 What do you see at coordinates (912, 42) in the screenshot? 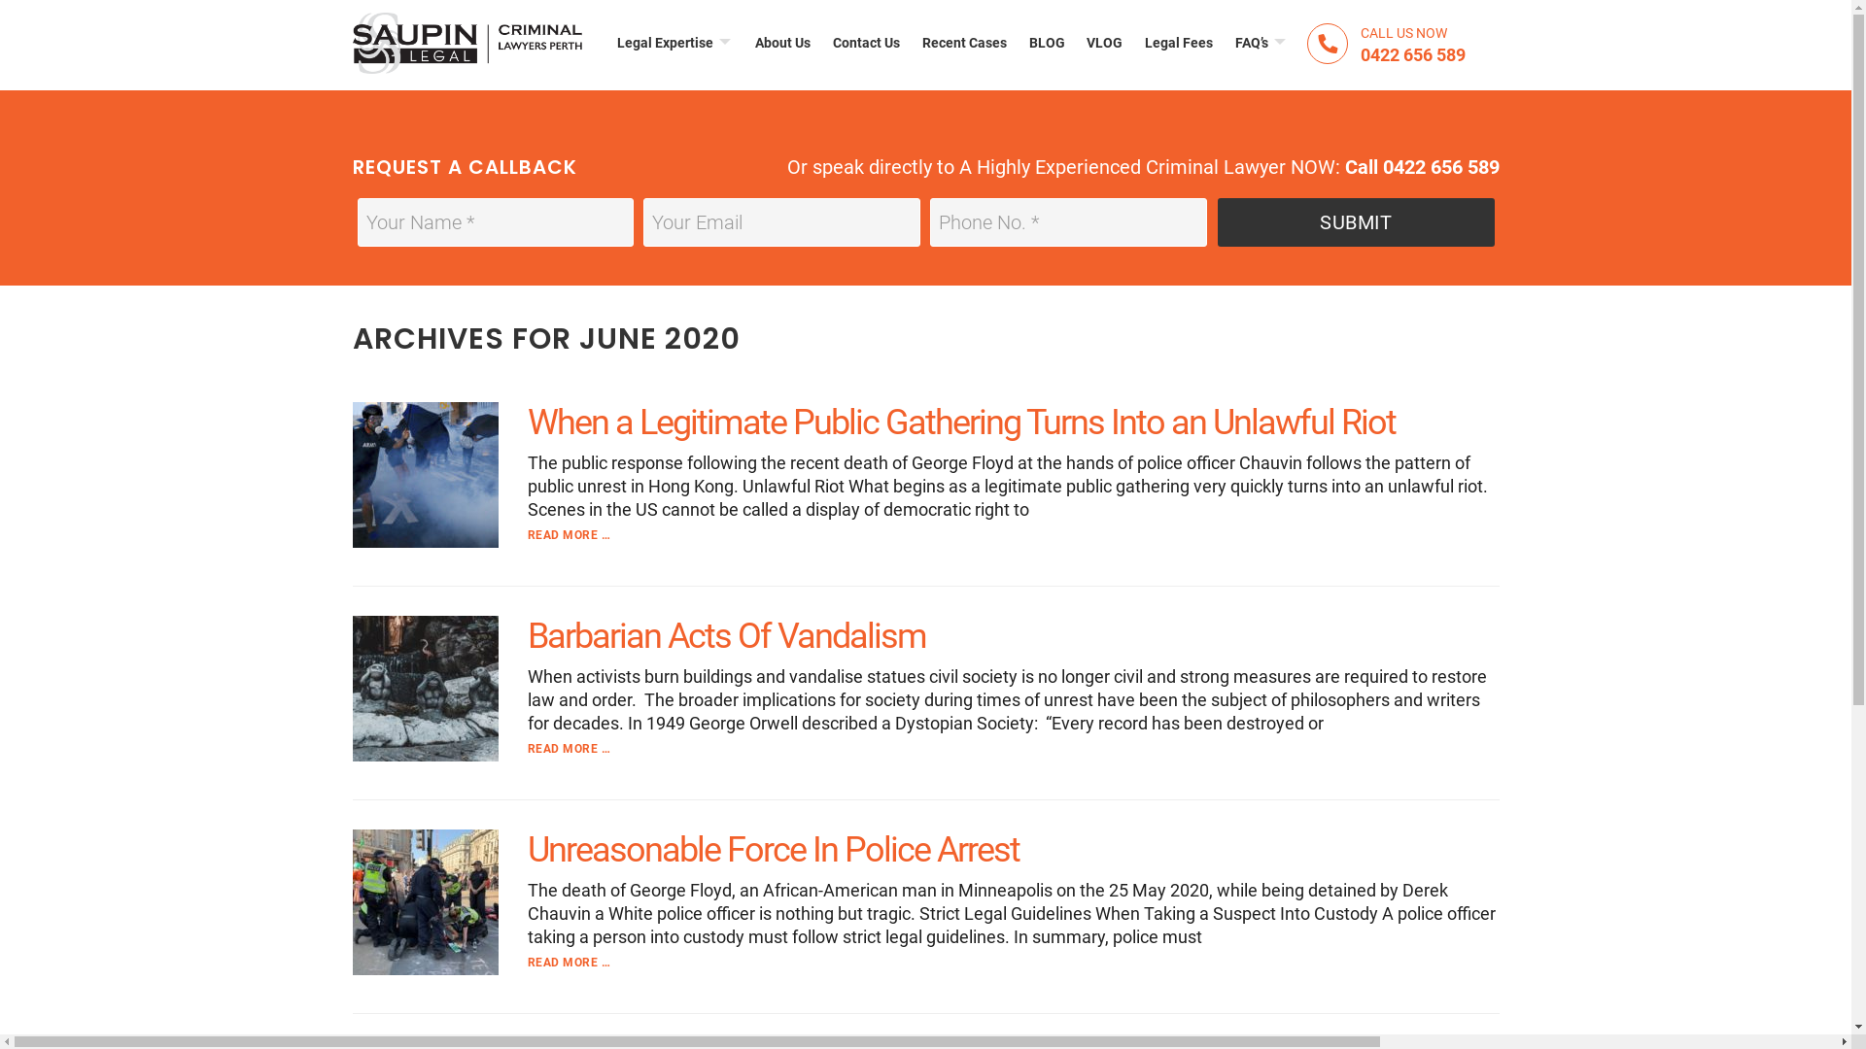
I see `'Recent Cases'` at bounding box center [912, 42].